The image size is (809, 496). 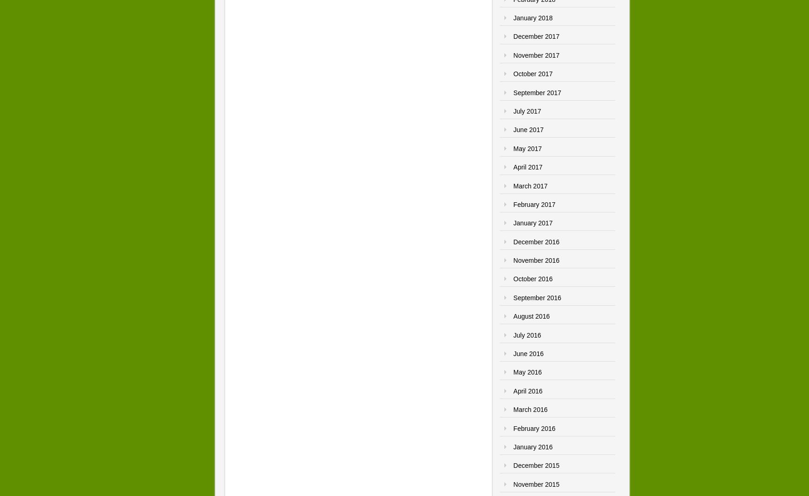 What do you see at coordinates (527, 390) in the screenshot?
I see `'April 2016'` at bounding box center [527, 390].